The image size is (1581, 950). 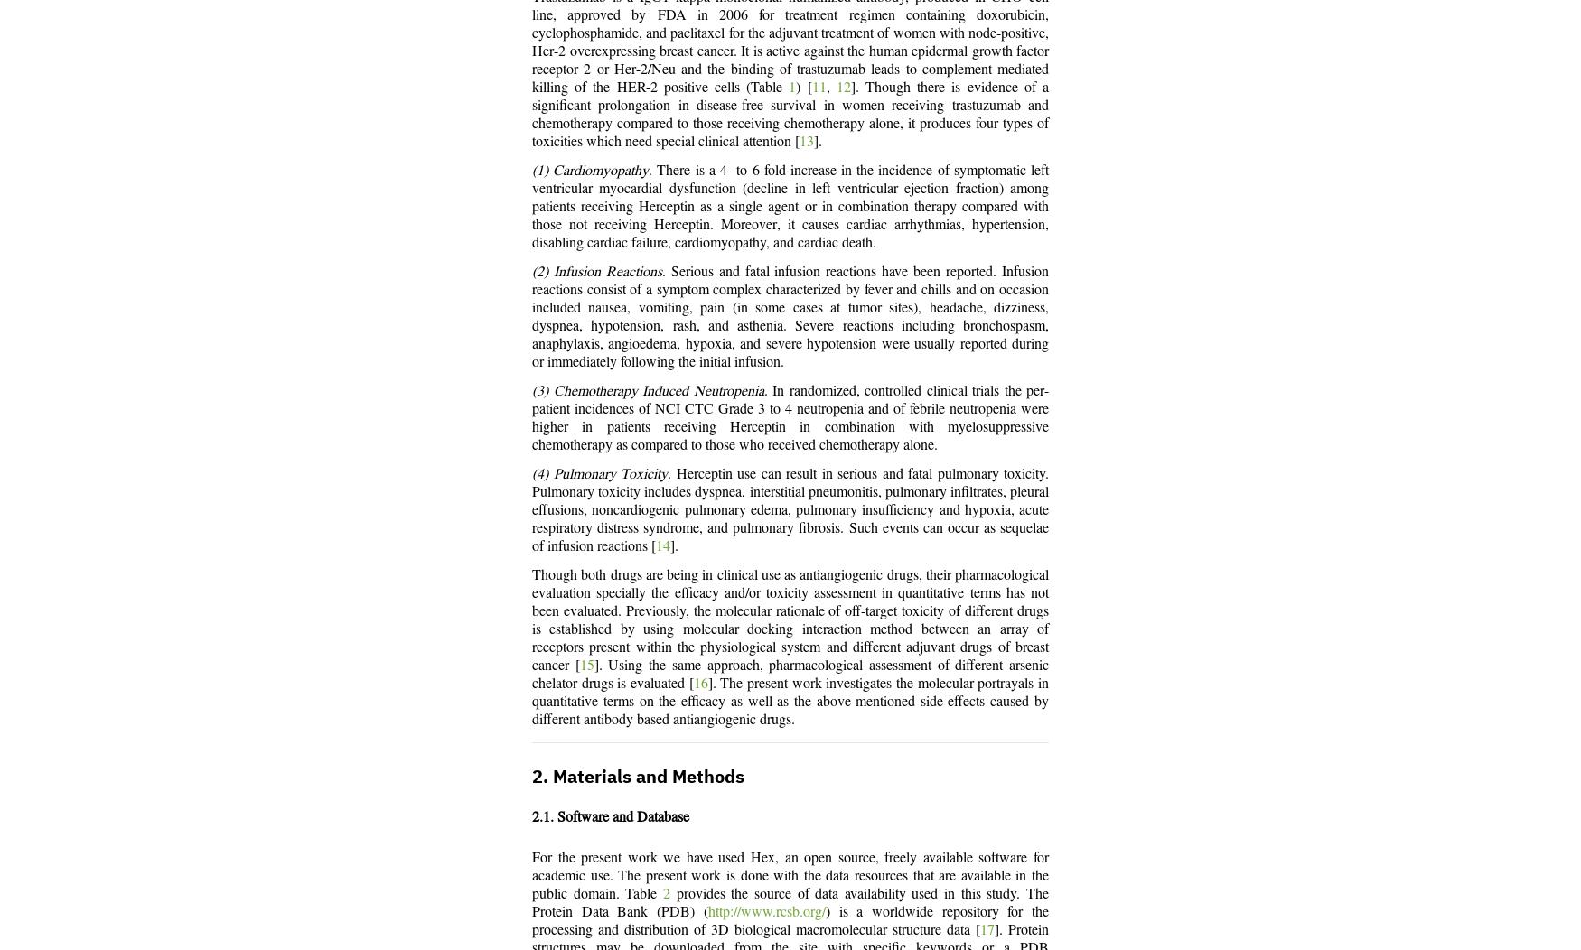 What do you see at coordinates (835, 87) in the screenshot?
I see `'12'` at bounding box center [835, 87].